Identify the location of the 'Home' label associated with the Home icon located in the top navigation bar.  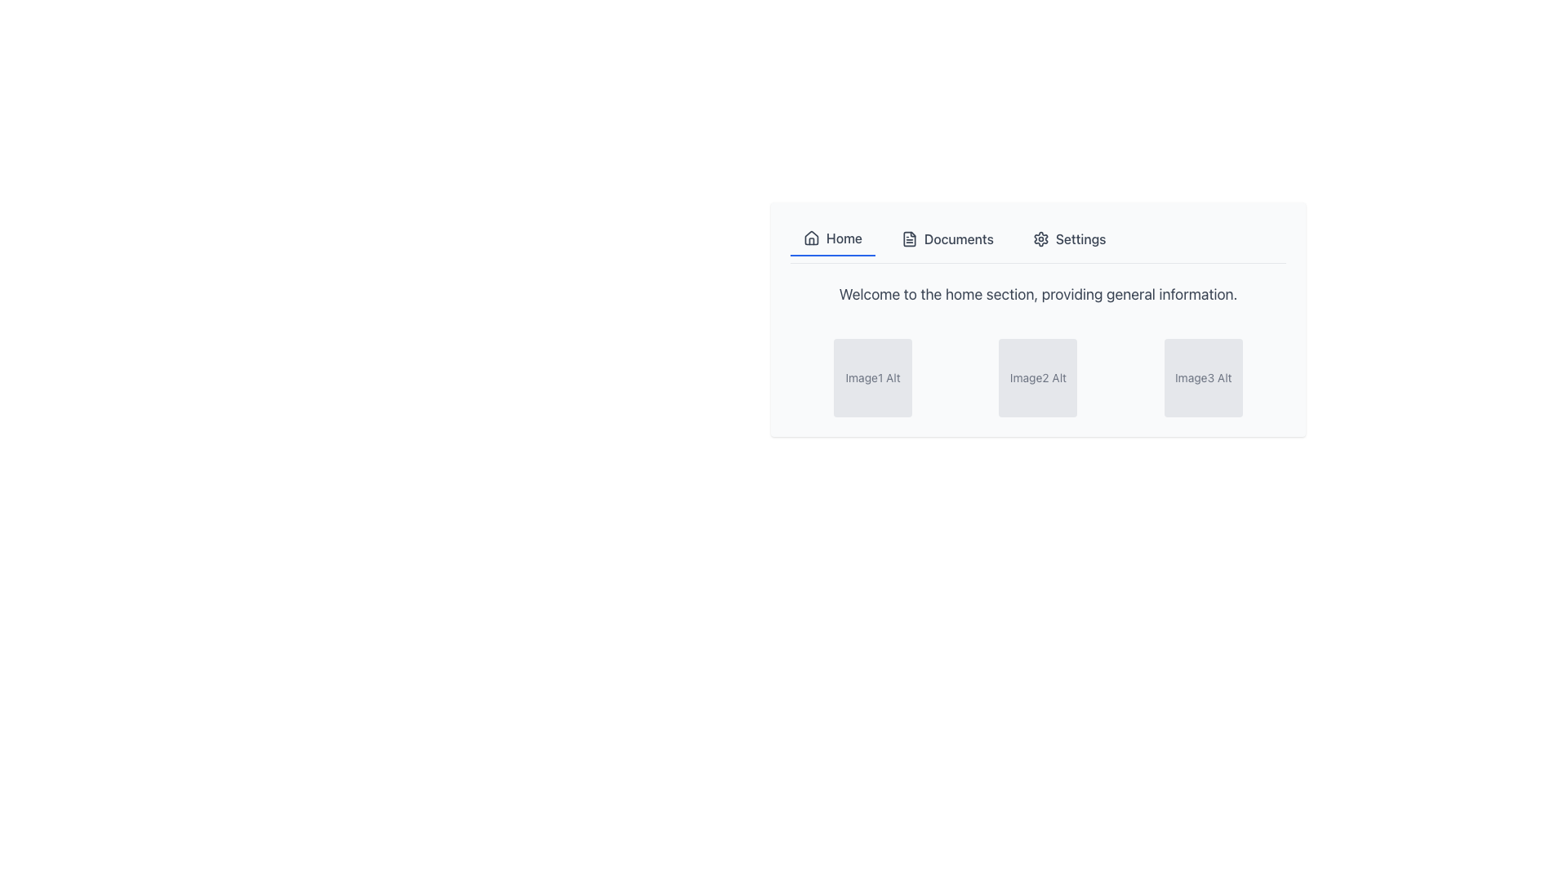
(811, 237).